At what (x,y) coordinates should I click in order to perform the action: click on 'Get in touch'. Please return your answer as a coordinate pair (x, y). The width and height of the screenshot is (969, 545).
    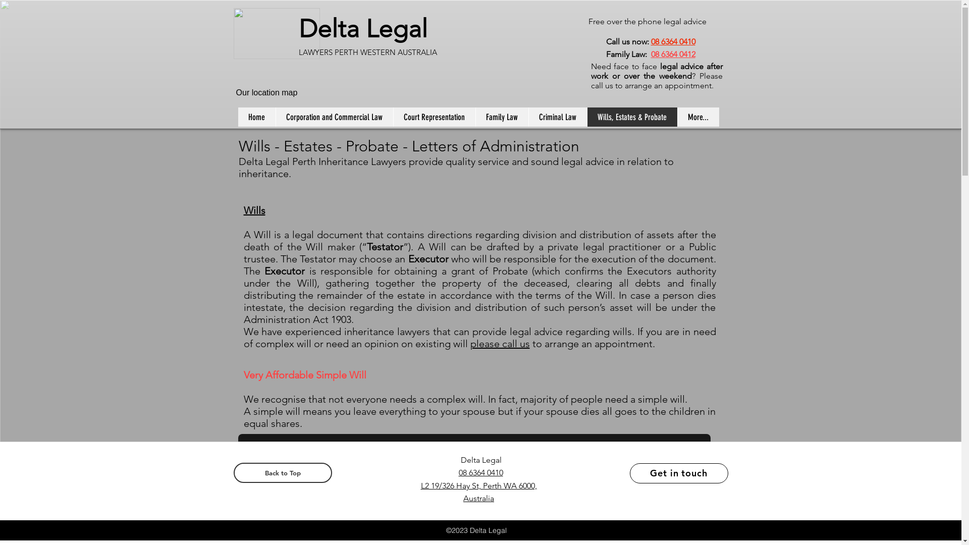
    Looking at the image, I should click on (629, 473).